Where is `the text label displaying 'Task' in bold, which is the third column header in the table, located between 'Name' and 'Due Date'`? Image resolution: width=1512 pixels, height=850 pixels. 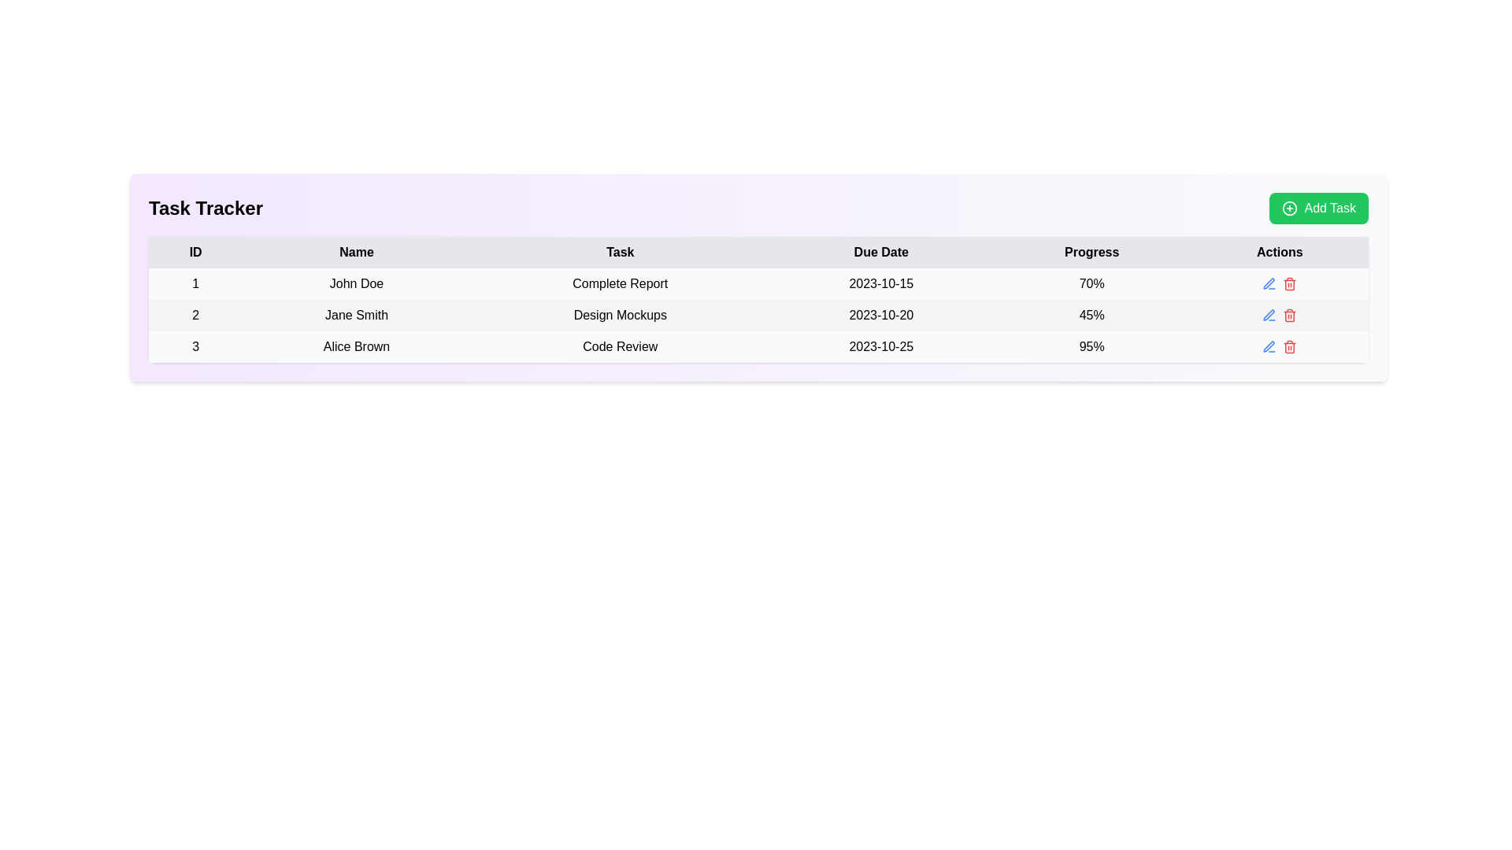
the text label displaying 'Task' in bold, which is the third column header in the table, located between 'Name' and 'Due Date' is located at coordinates (619, 251).